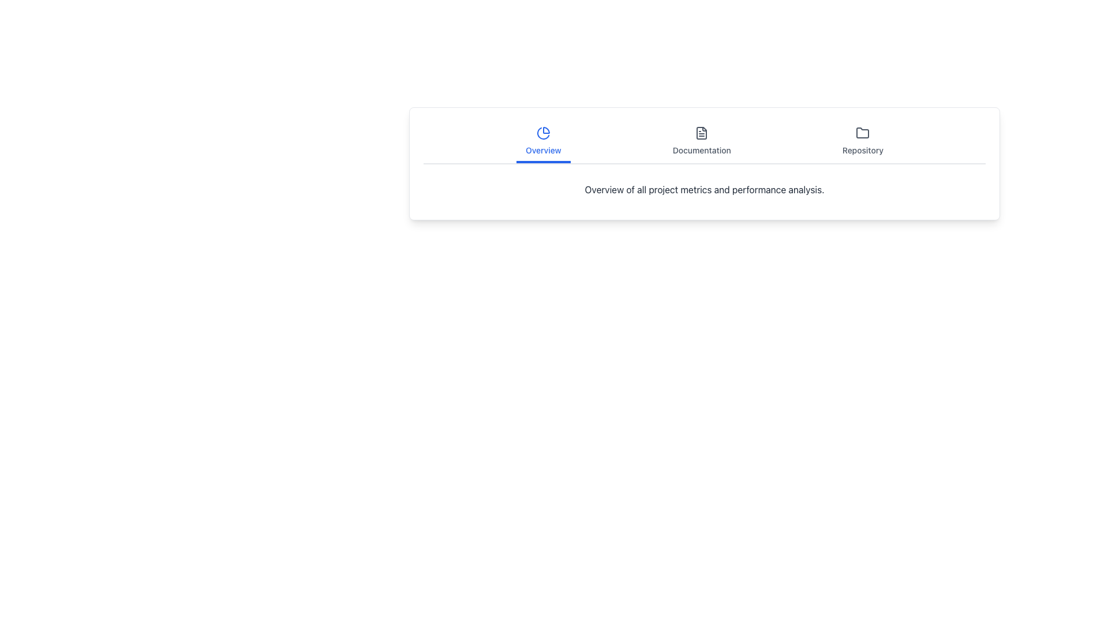 The width and height of the screenshot is (1108, 623). What do you see at coordinates (863, 141) in the screenshot?
I see `the 'Repository' button located in the third position of the horizontal navigation bar` at bounding box center [863, 141].